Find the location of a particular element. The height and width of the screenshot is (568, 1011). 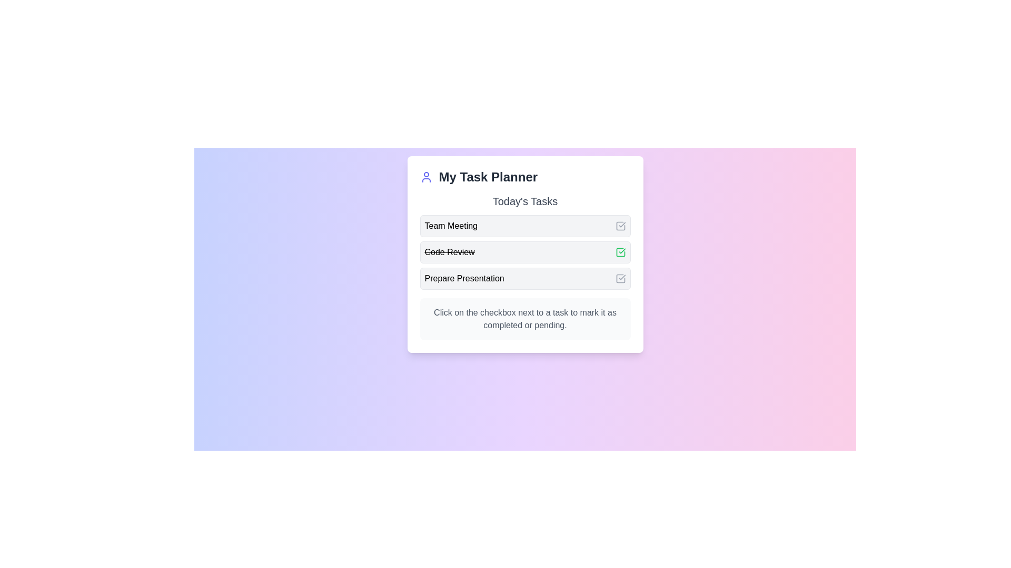

the bold text label 'My Task Planner' that serves as a title in the header of the card-like UI section, located next to the user icon is located at coordinates (488, 176).